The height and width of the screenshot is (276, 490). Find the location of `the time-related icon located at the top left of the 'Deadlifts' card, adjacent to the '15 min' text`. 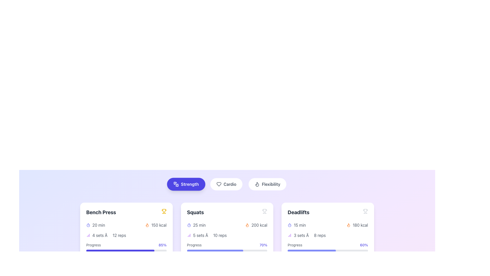

the time-related icon located at the top left of the 'Deadlifts' card, adjacent to the '15 min' text is located at coordinates (290, 225).